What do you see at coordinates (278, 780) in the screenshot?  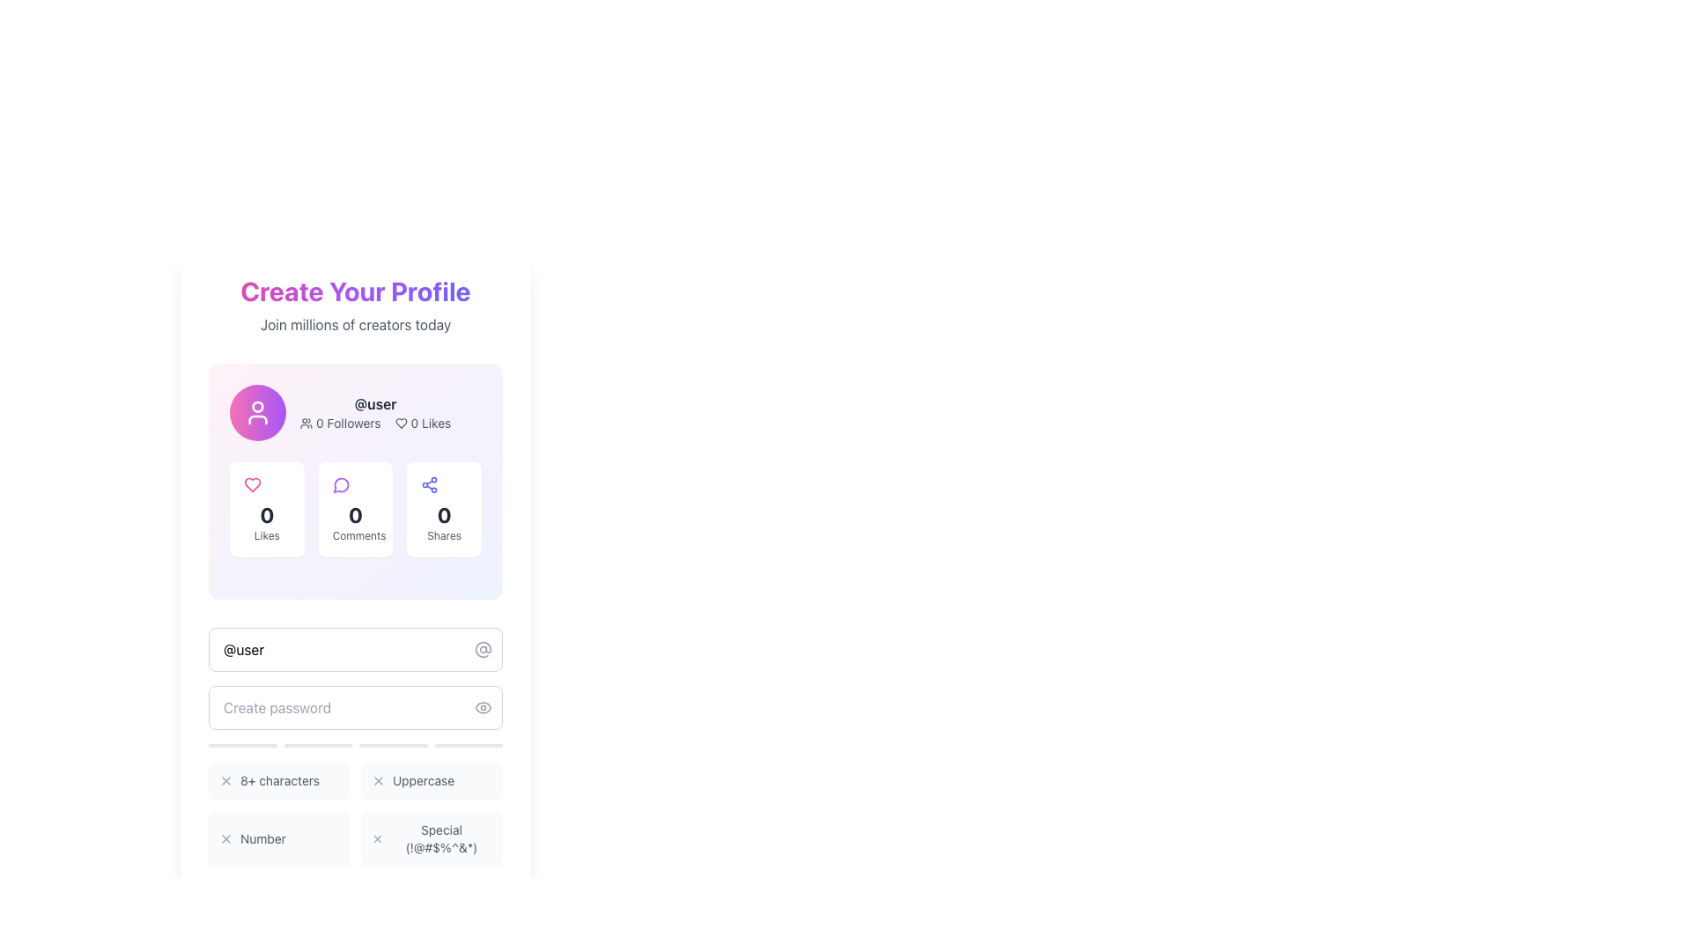 I see `contents of the Text Label with Icon that indicates the password requirement for a minimum length of 8 characters, located in the password requirement section below the 'Create password' input field` at bounding box center [278, 780].